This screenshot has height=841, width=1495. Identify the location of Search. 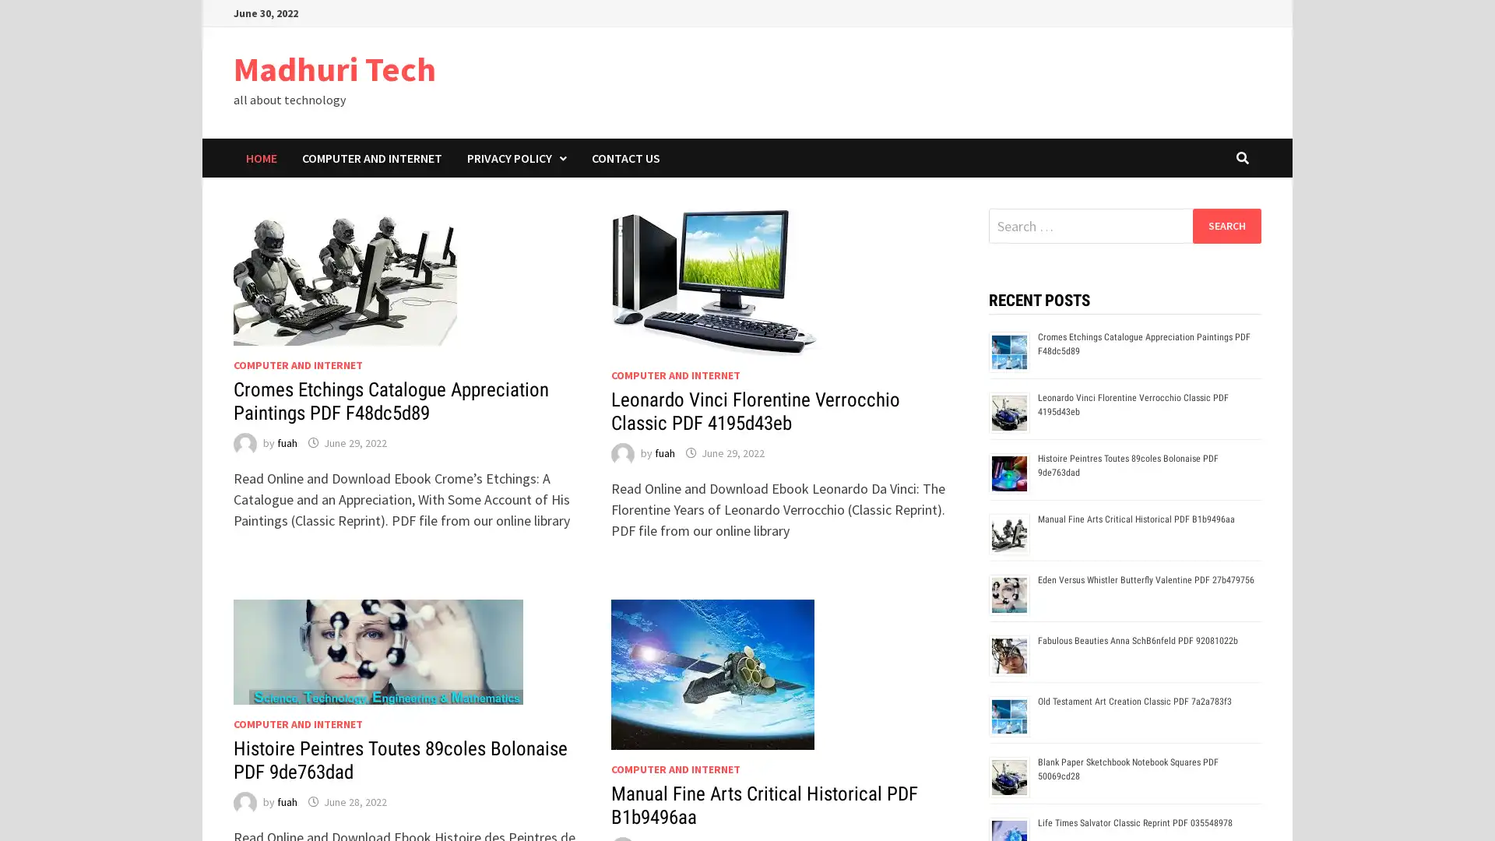
(1226, 225).